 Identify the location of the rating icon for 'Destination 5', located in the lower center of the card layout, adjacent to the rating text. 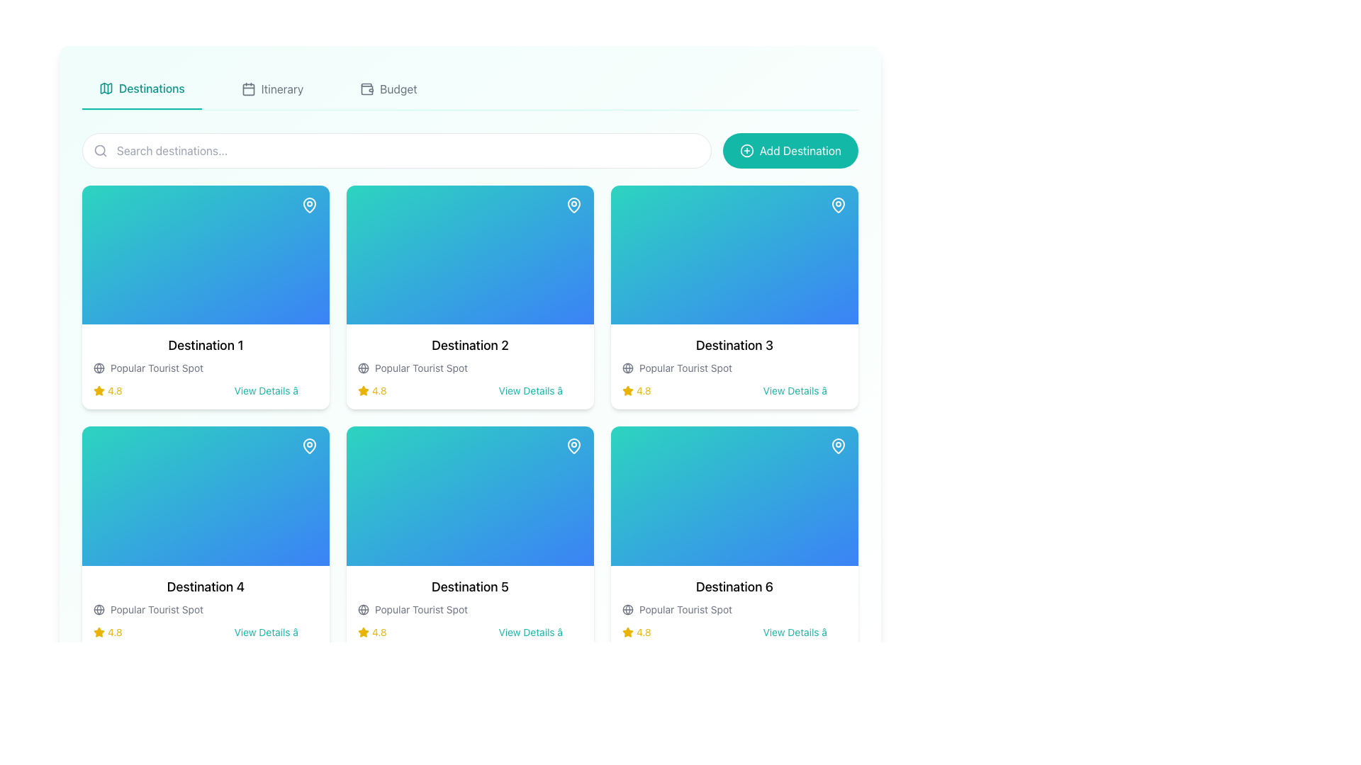
(364, 631).